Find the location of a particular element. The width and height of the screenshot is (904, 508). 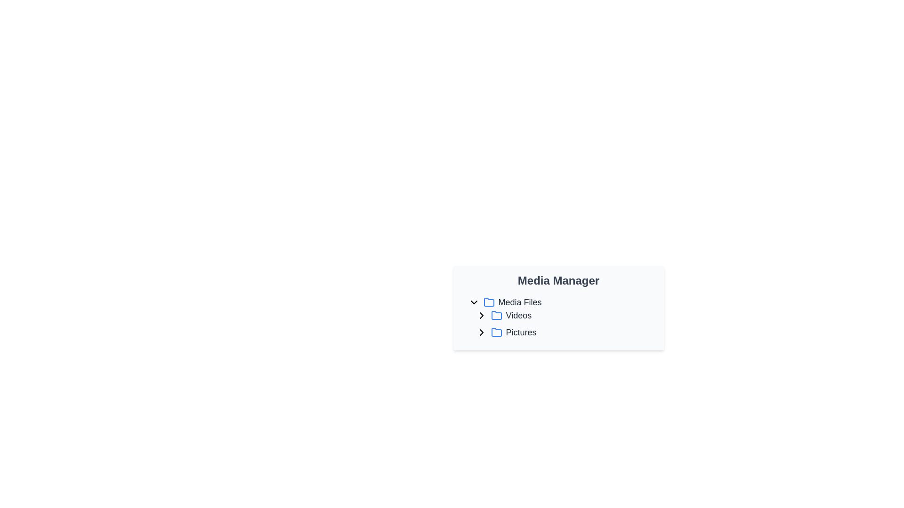

the 'Videos' folder label in the Media Manager is located at coordinates (518, 316).